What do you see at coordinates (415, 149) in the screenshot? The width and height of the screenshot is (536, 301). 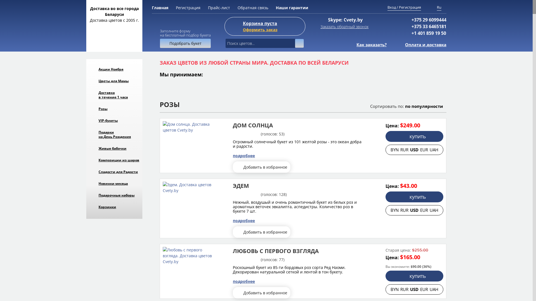 I see `'USD'` at bounding box center [415, 149].